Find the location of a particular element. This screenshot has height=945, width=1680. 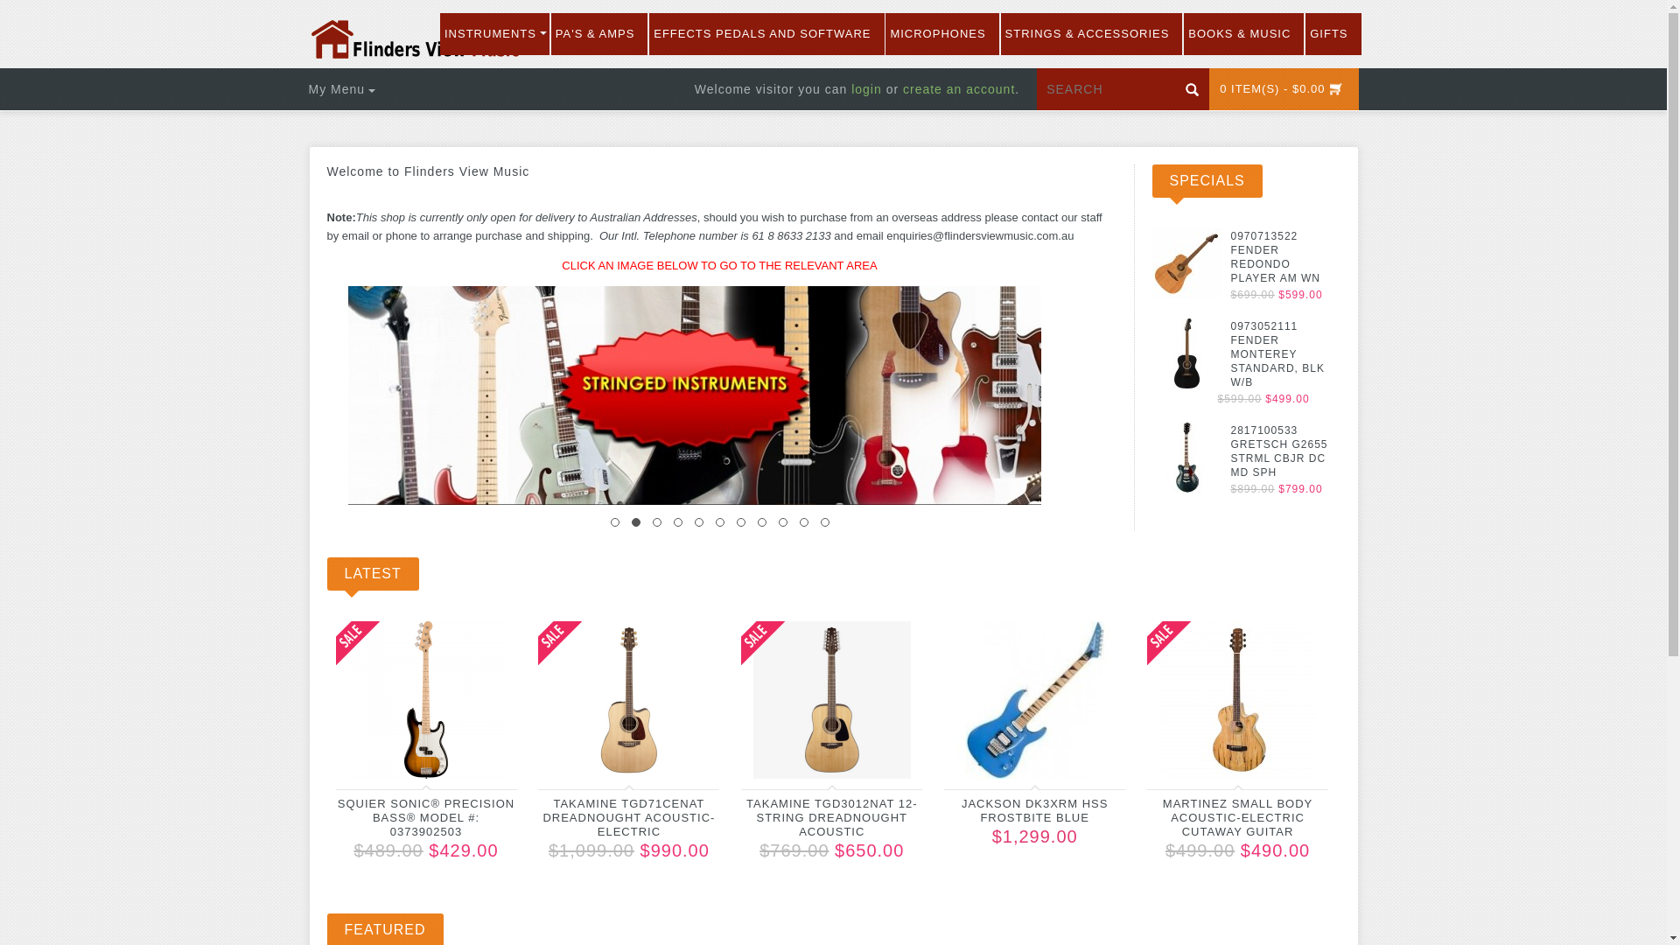

'PA'S & AMPS' is located at coordinates (599, 33).